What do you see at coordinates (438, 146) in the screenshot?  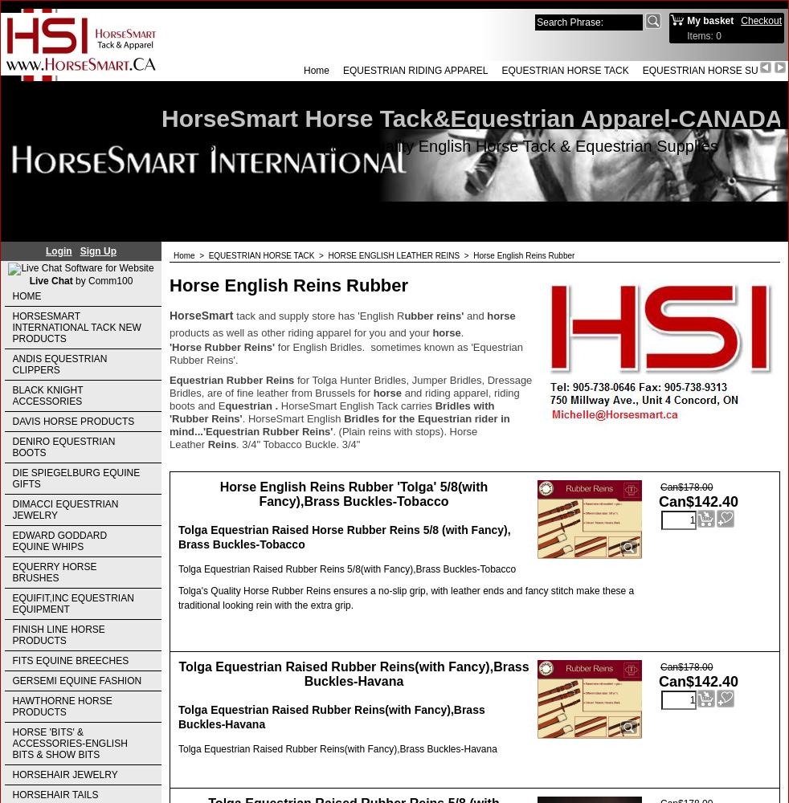 I see `'HorseSmart Tack & Apparel-Quality English Horse Tack & Equestrian Supplies'` at bounding box center [438, 146].